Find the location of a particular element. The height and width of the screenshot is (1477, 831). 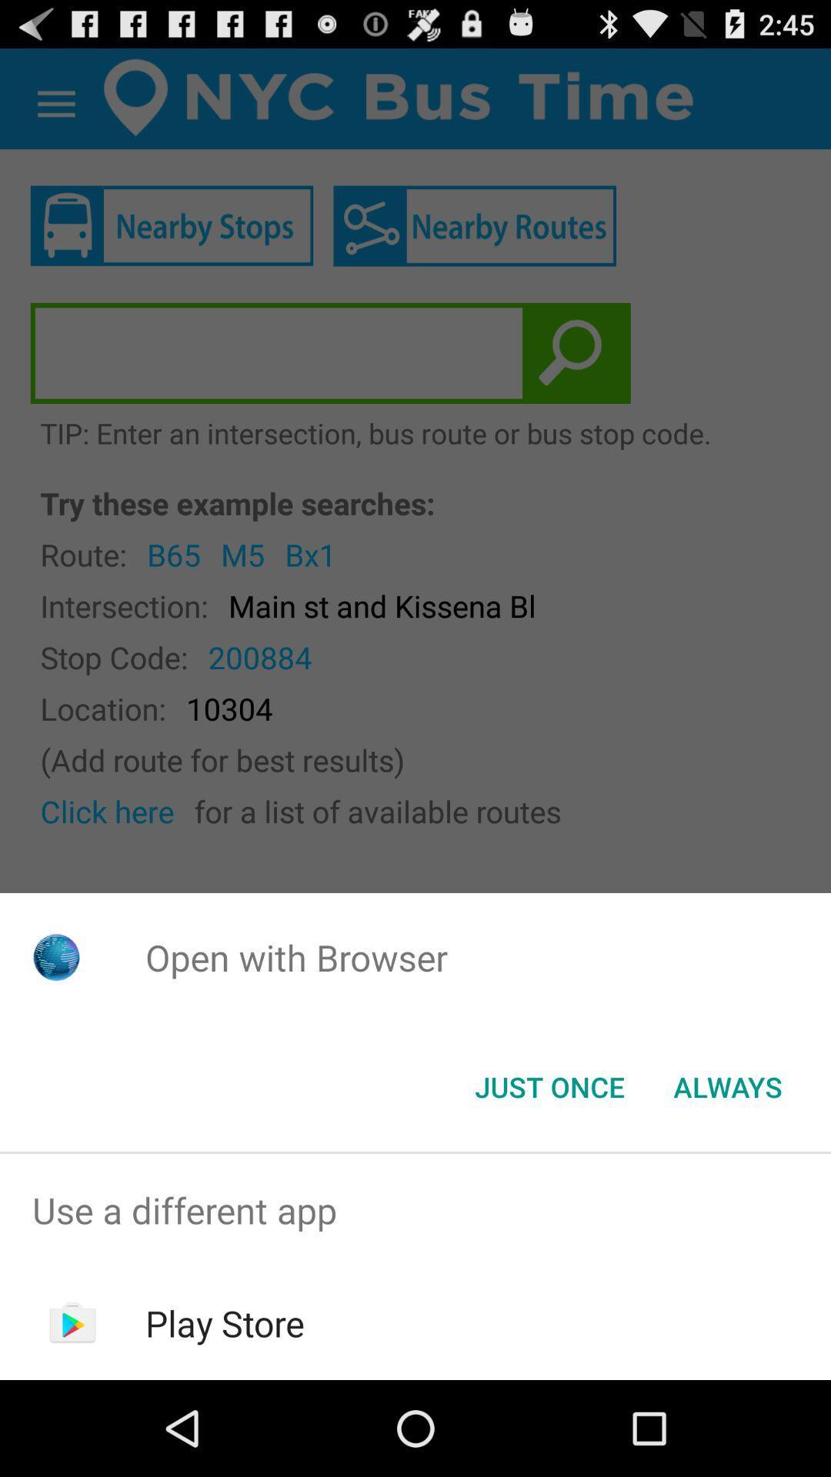

the app below the open with browser app is located at coordinates (727, 1085).